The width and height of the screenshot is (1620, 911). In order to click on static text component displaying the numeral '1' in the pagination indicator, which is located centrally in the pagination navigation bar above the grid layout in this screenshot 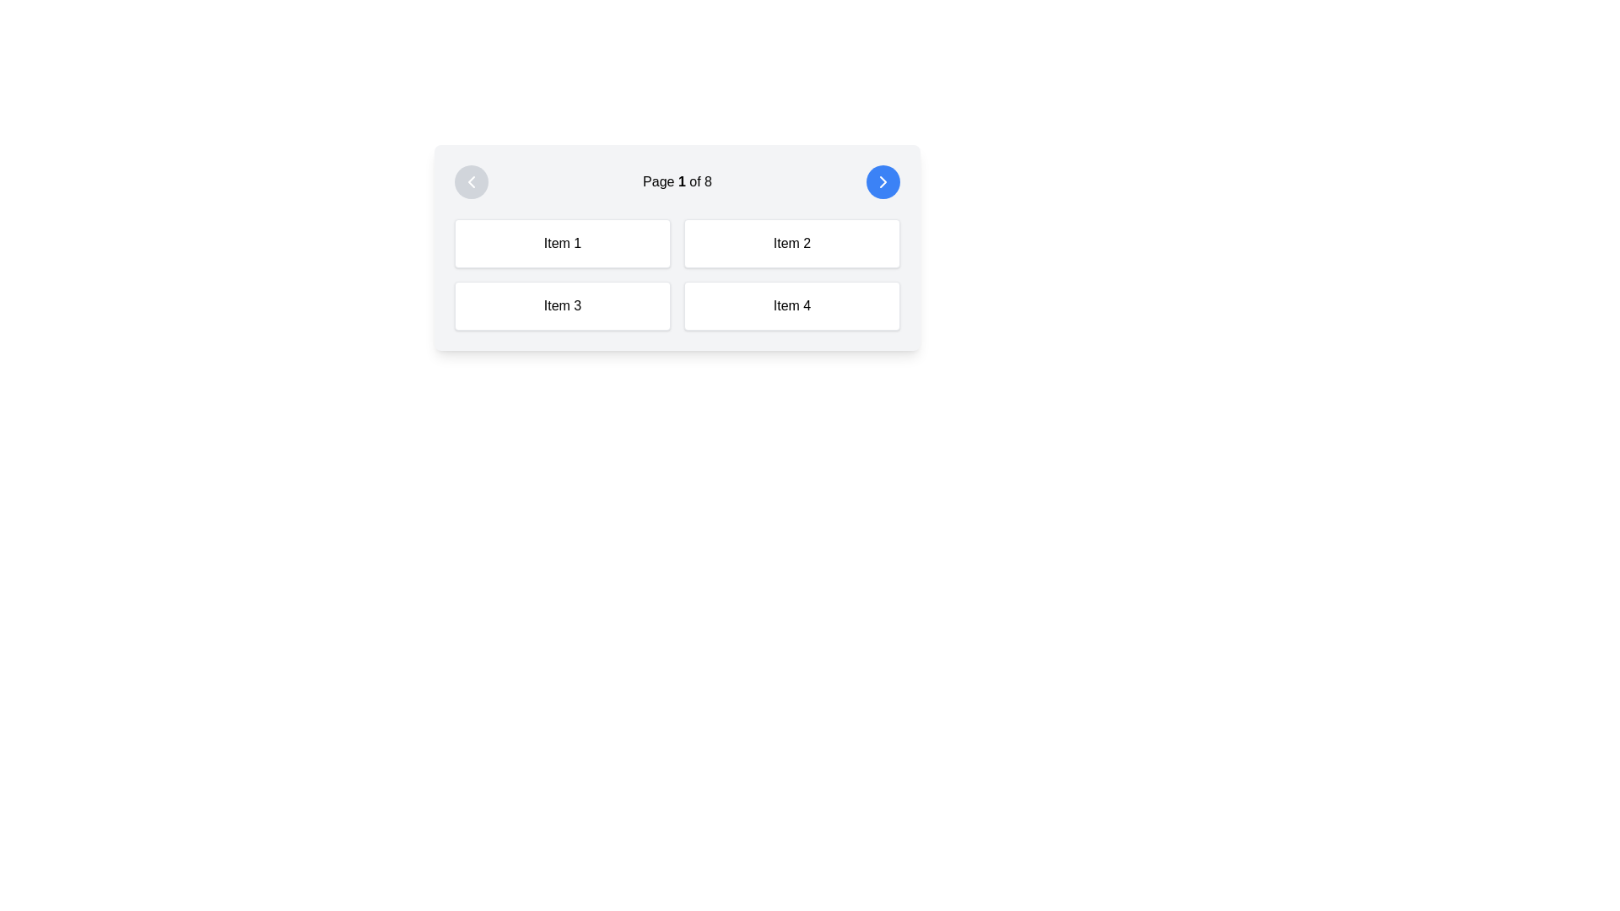, I will do `click(682, 181)`.